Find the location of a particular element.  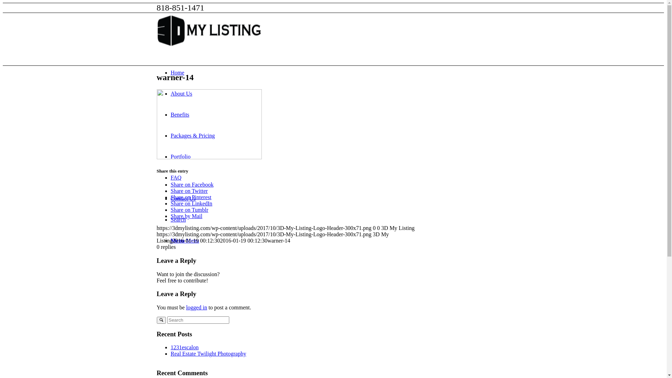

'Share on Pinterest' is located at coordinates (171, 197).